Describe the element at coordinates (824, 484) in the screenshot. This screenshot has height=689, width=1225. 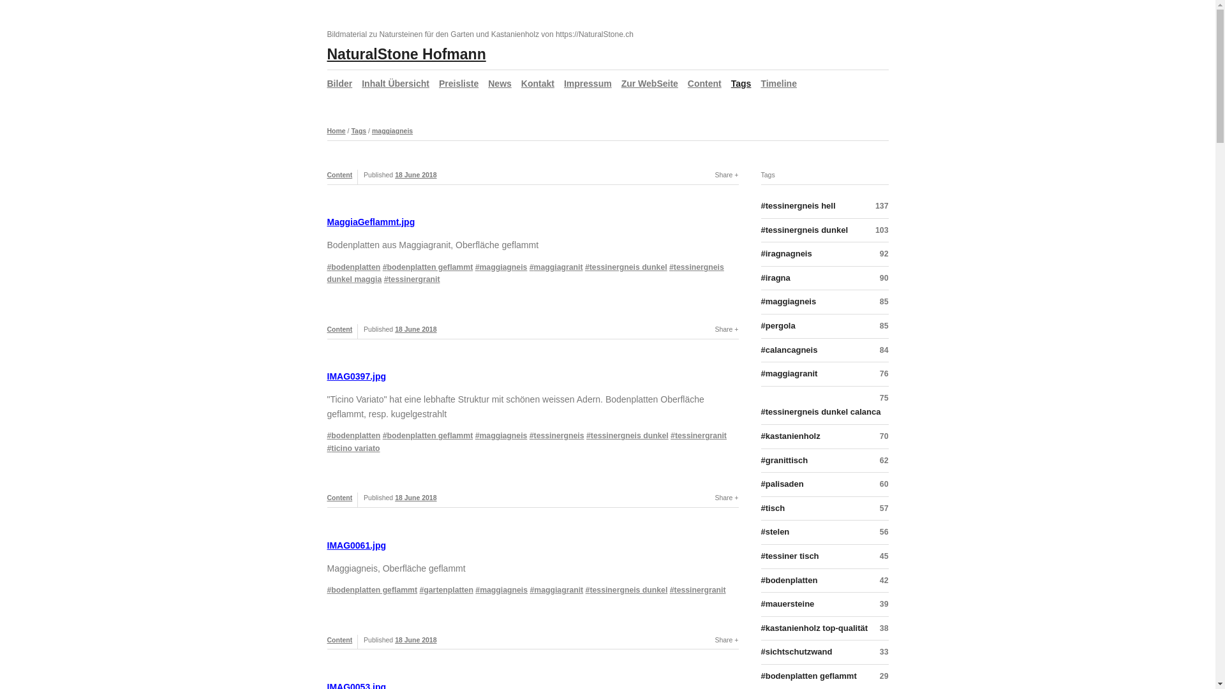
I see `'60` at that location.